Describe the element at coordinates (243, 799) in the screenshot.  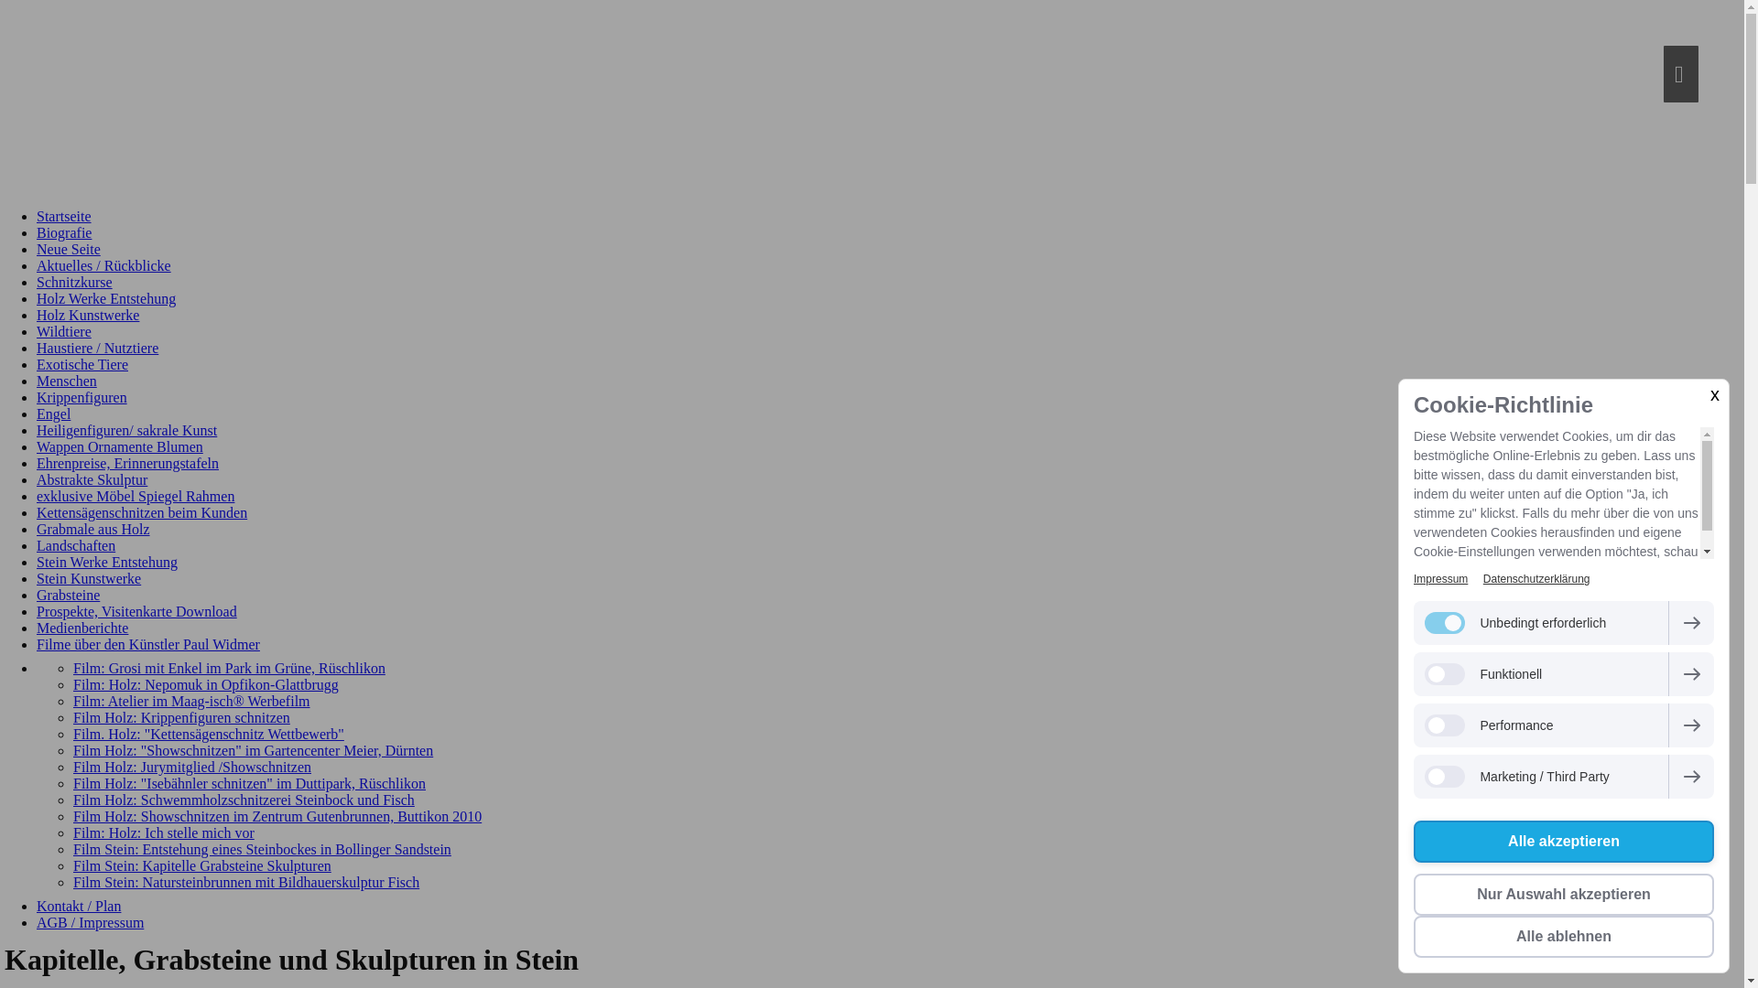
I see `'Film Holz: Schwemmholzschnitzerei Steinbock und Fisch'` at that location.